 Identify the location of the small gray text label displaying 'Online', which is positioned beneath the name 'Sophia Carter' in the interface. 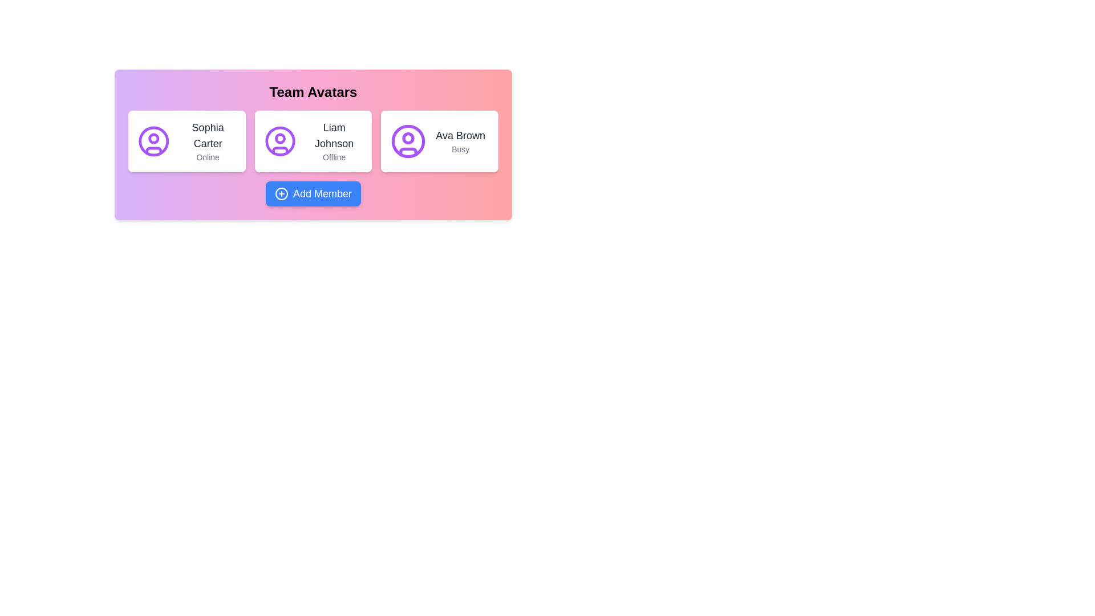
(208, 157).